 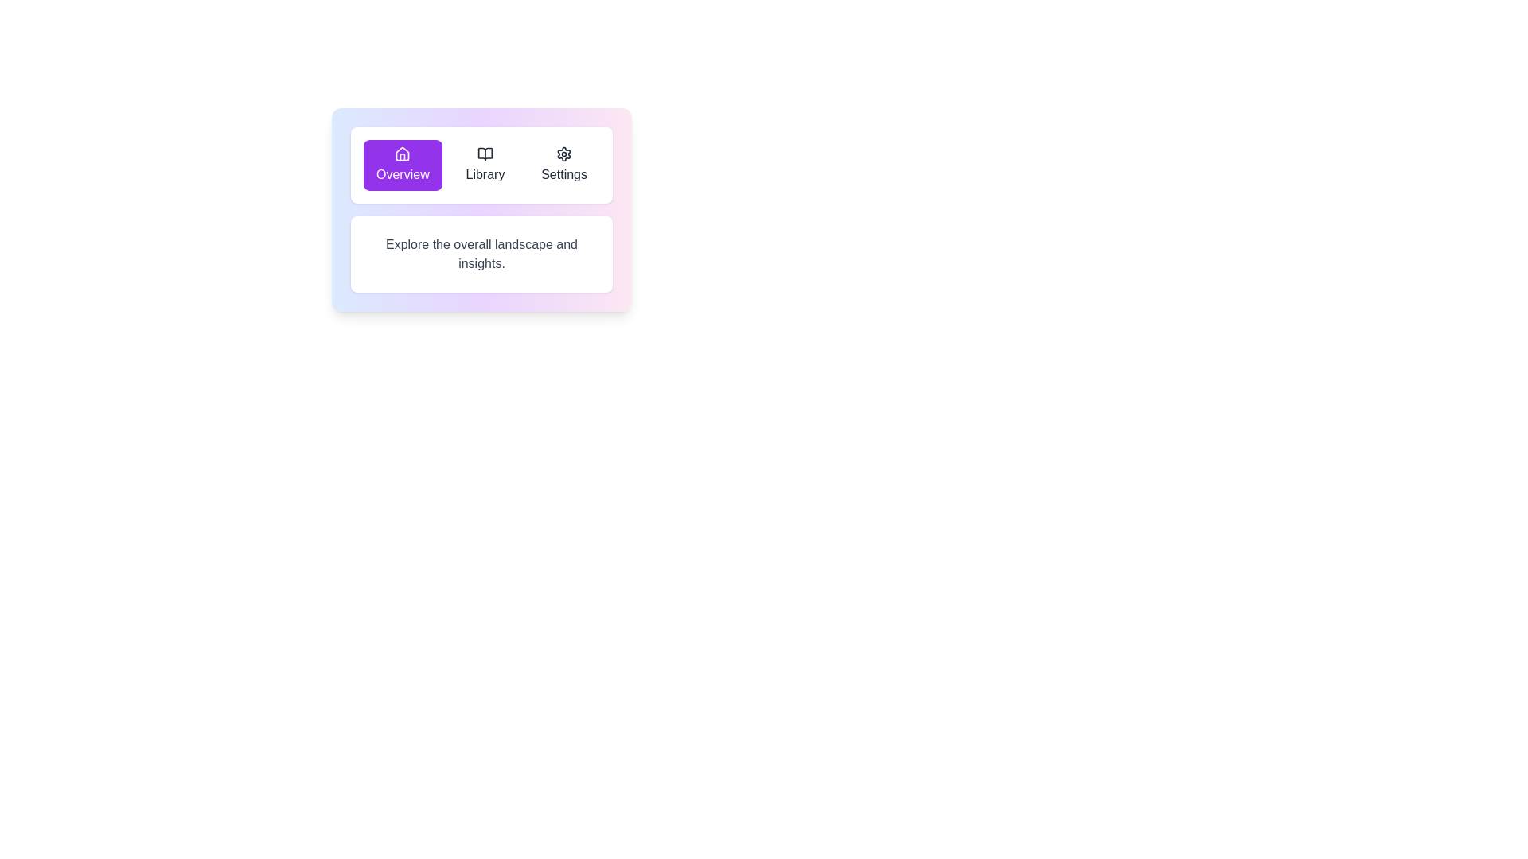 What do you see at coordinates (403, 174) in the screenshot?
I see `the 'Overview' button, which is a purple button located at the top-left of a horizontal menu for navigation` at bounding box center [403, 174].